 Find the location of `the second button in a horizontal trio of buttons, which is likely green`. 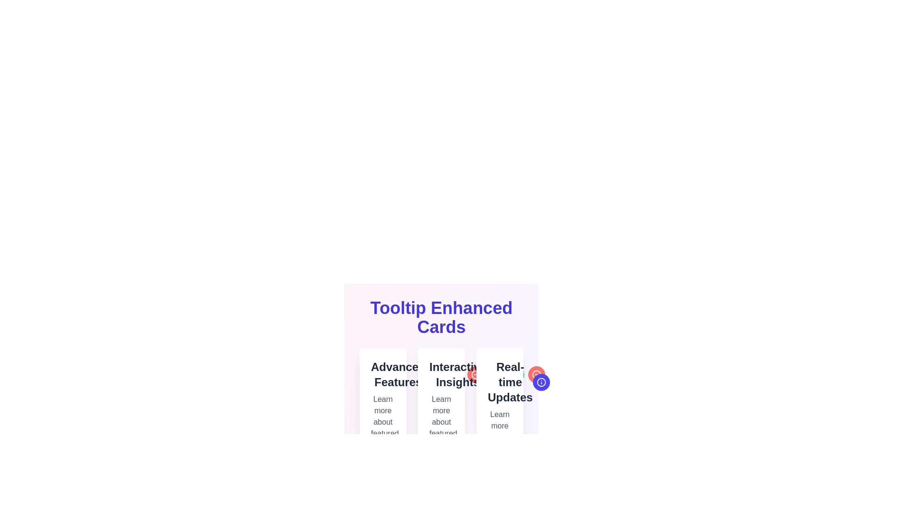

the second button in a horizontal trio of buttons, which is likely green is located at coordinates (454, 374).